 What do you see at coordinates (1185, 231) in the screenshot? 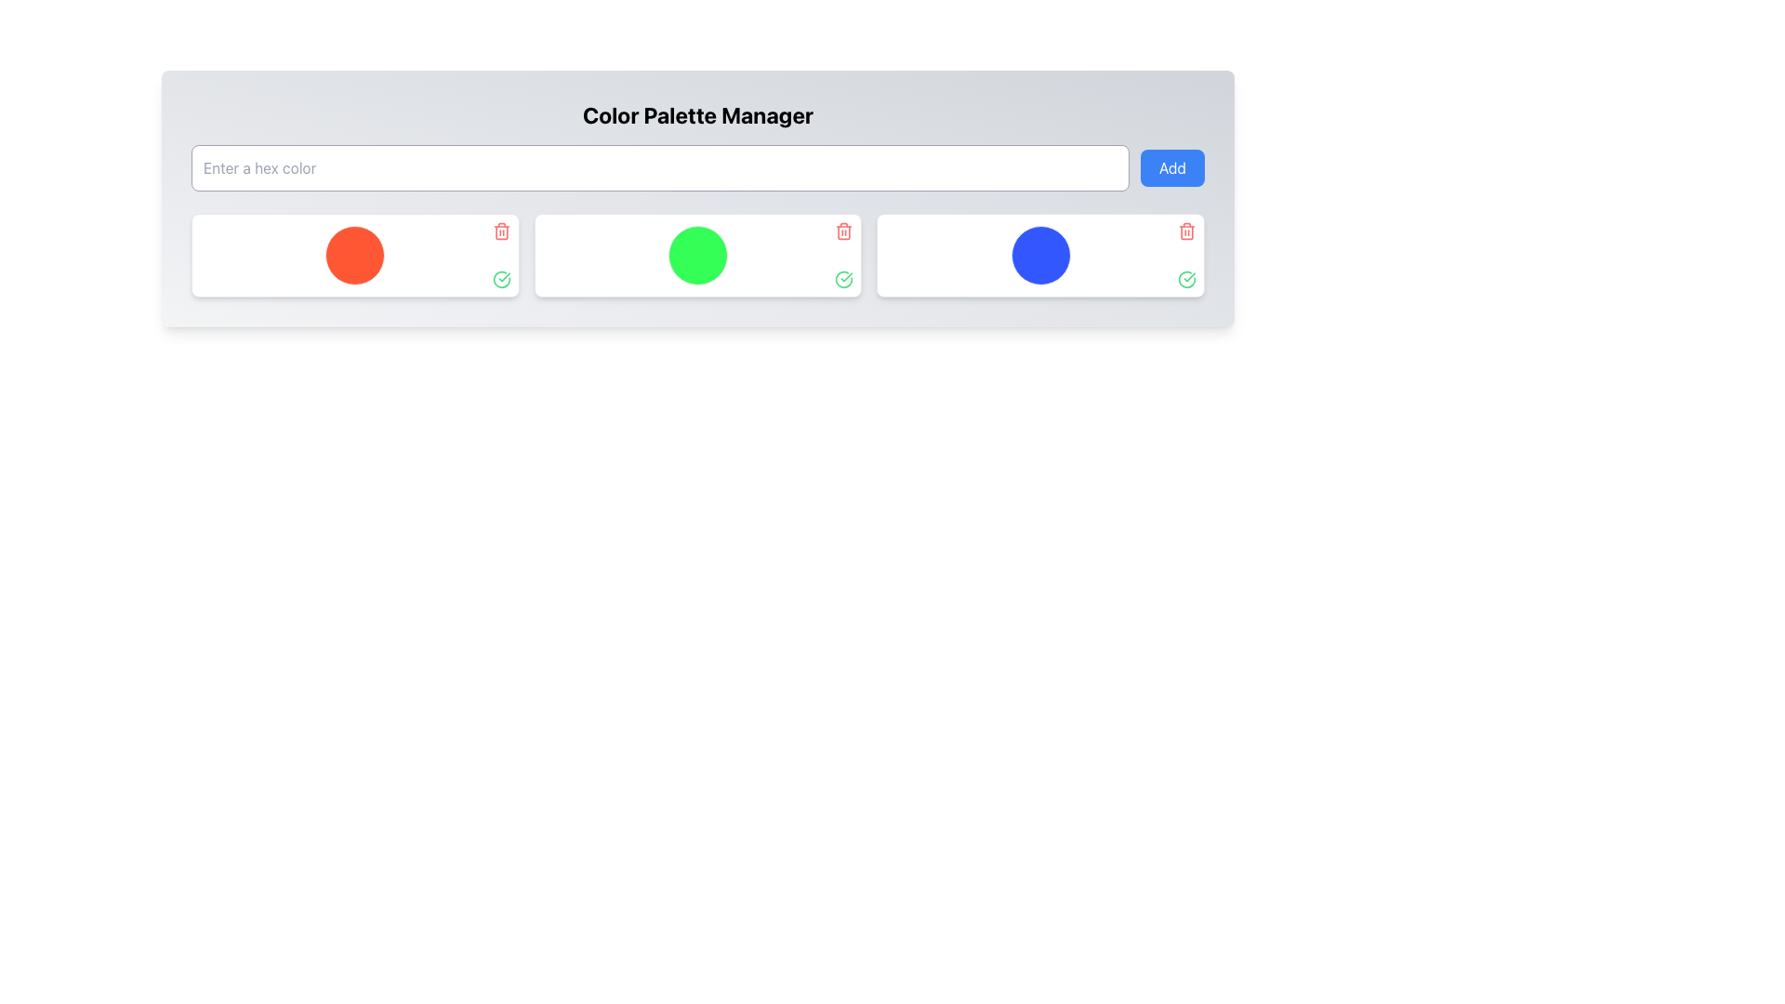
I see `the delete button located in the bottom-right corner of the card` at bounding box center [1185, 231].